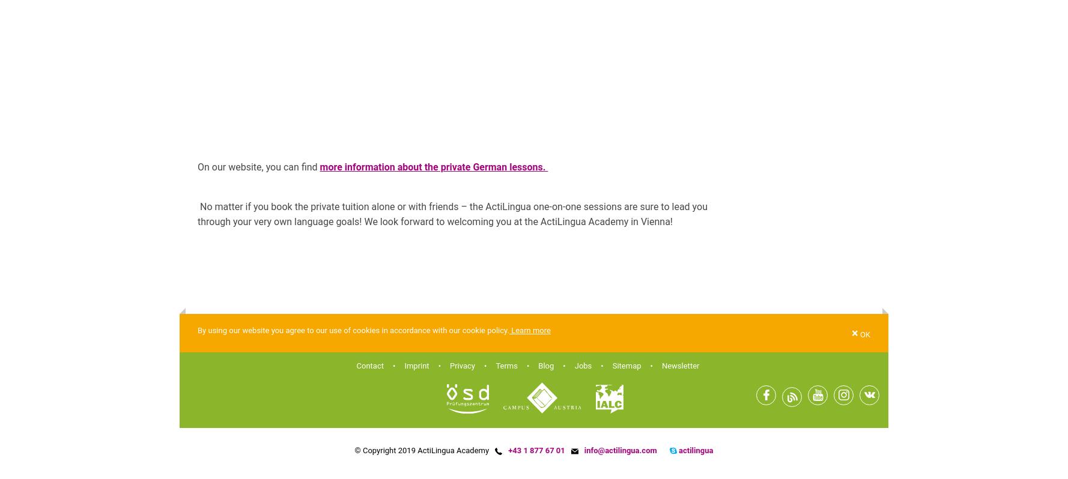  I want to click on 'info@actilingua.com', so click(620, 449).